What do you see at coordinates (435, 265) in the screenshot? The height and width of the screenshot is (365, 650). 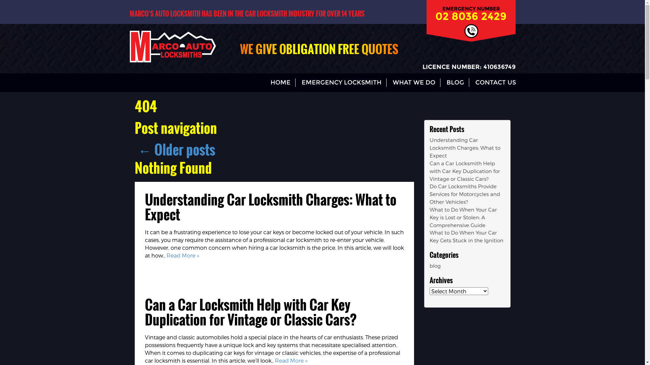 I see `'blog'` at bounding box center [435, 265].